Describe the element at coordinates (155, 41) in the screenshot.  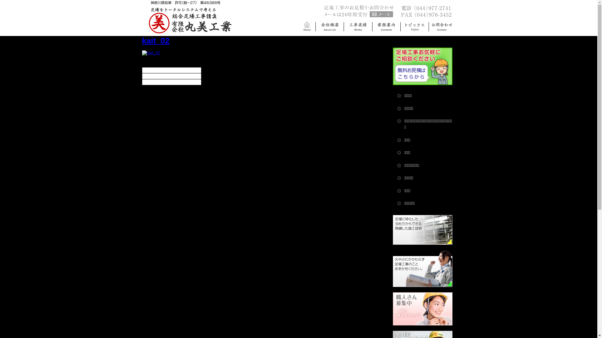
I see `'kait_02'` at that location.